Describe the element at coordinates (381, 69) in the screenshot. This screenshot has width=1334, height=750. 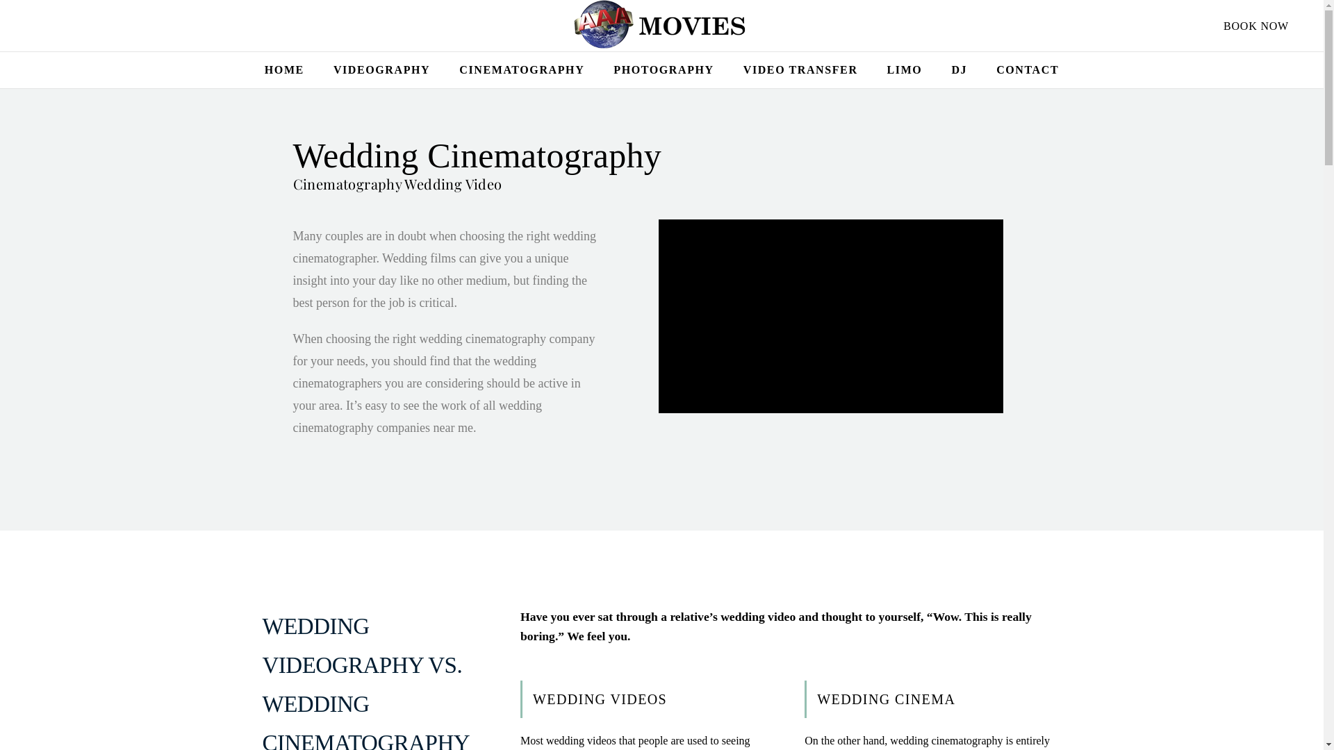
I see `'VIDEOGRAPHY'` at that location.